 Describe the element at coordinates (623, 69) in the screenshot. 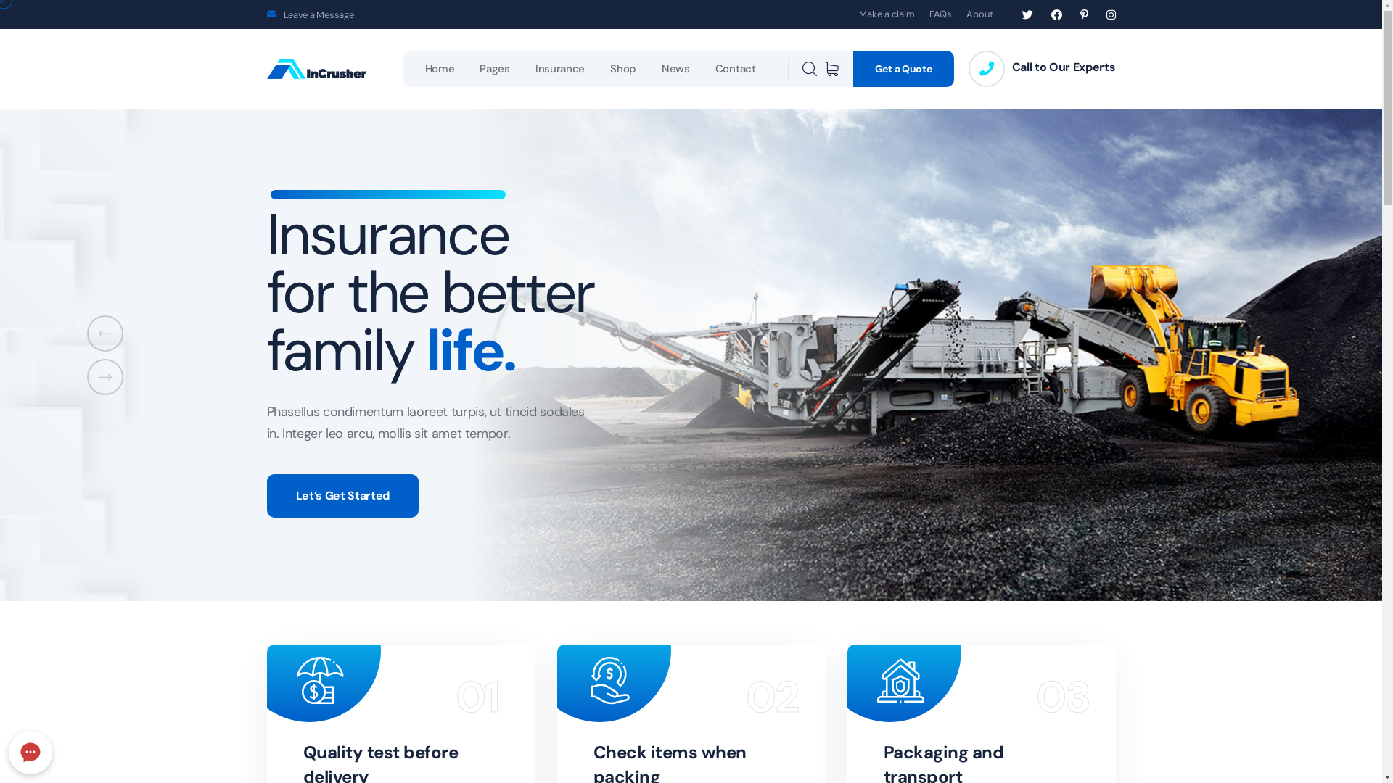

I see `'Shop'` at that location.